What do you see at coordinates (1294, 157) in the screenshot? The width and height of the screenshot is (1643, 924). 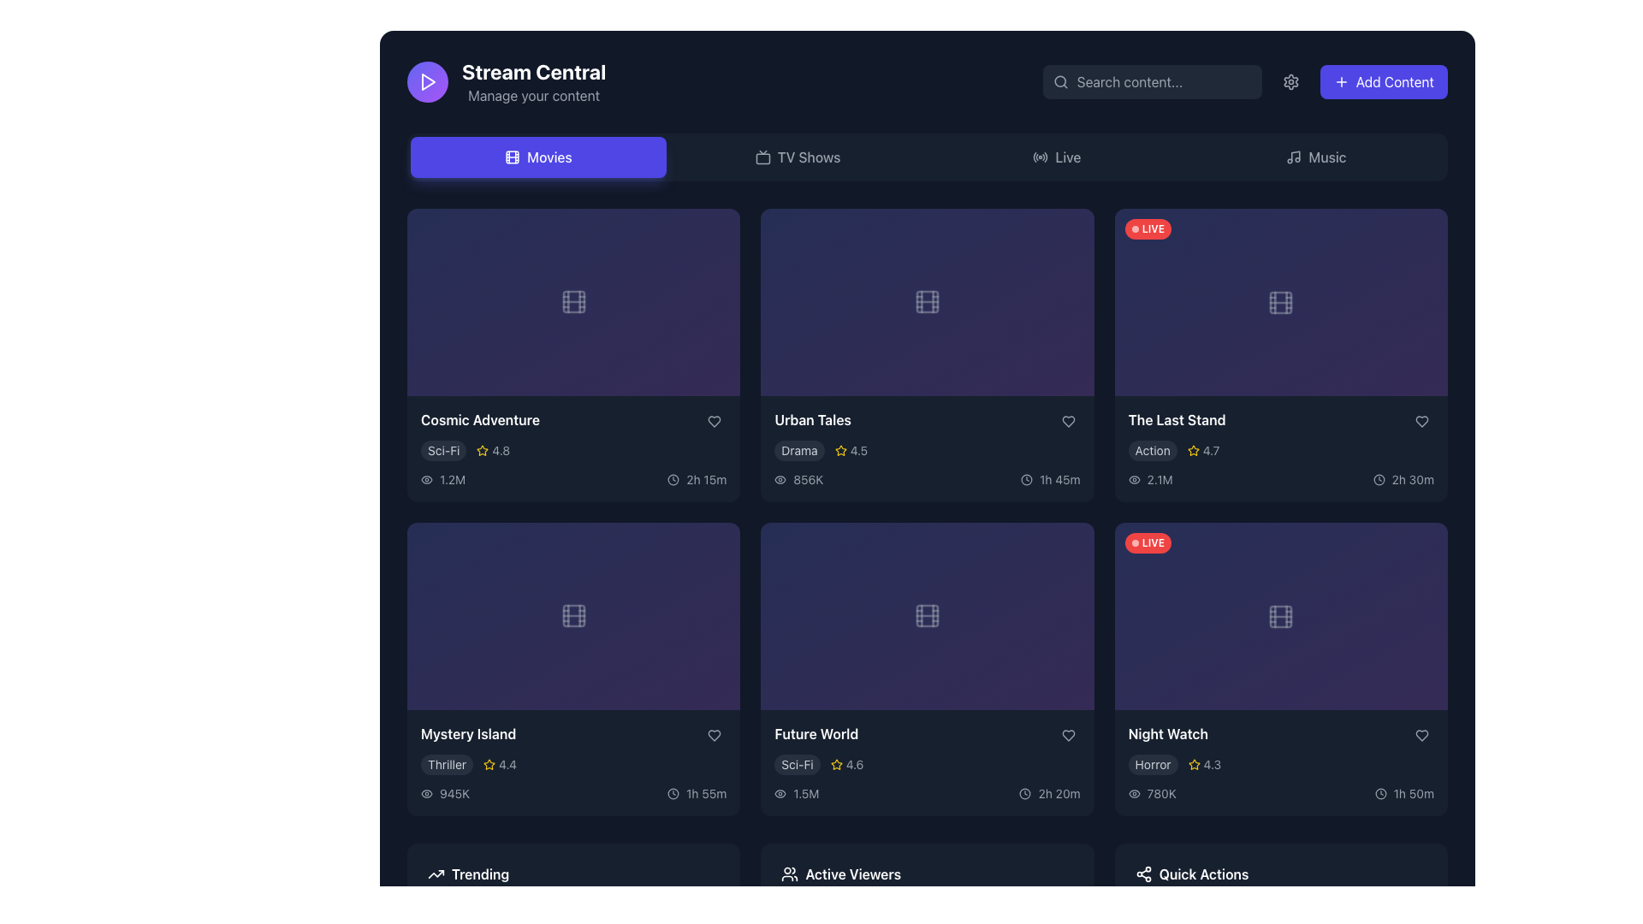 I see `the music icon, which features a distinctive note symbol styled in light gray on a dark background` at bounding box center [1294, 157].